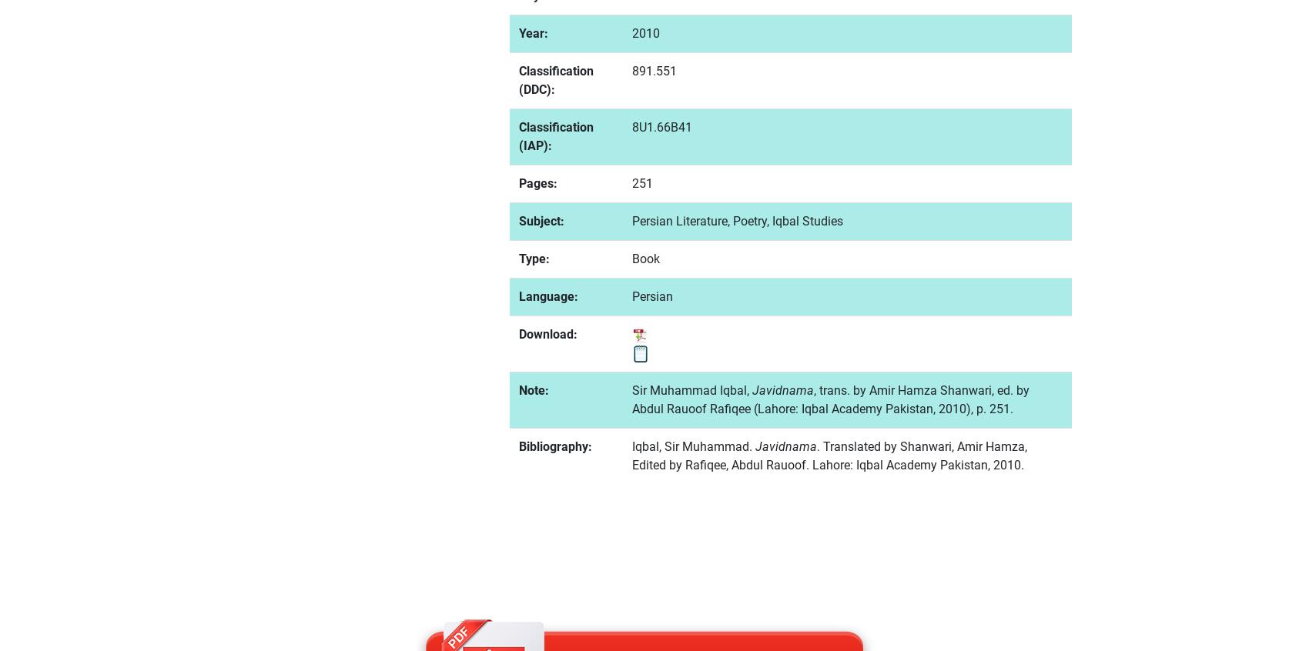  Describe the element at coordinates (518, 135) in the screenshot. I see `'Classification (IAP):'` at that location.